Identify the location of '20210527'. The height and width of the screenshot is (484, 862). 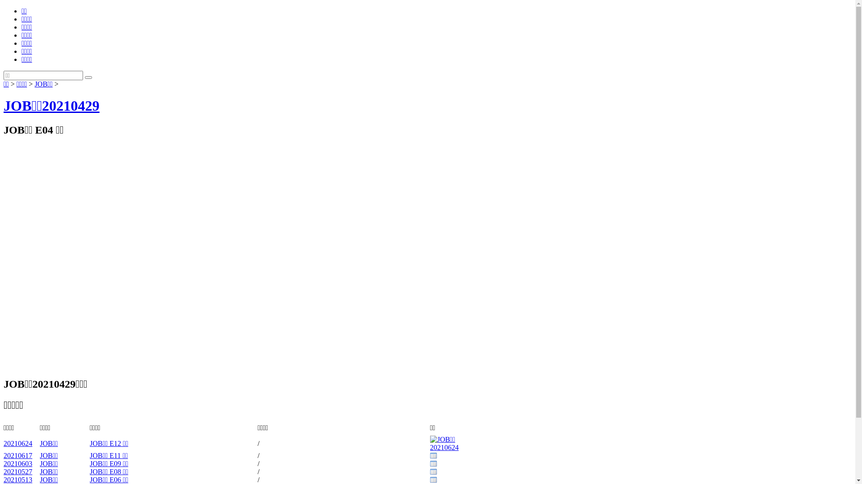
(18, 471).